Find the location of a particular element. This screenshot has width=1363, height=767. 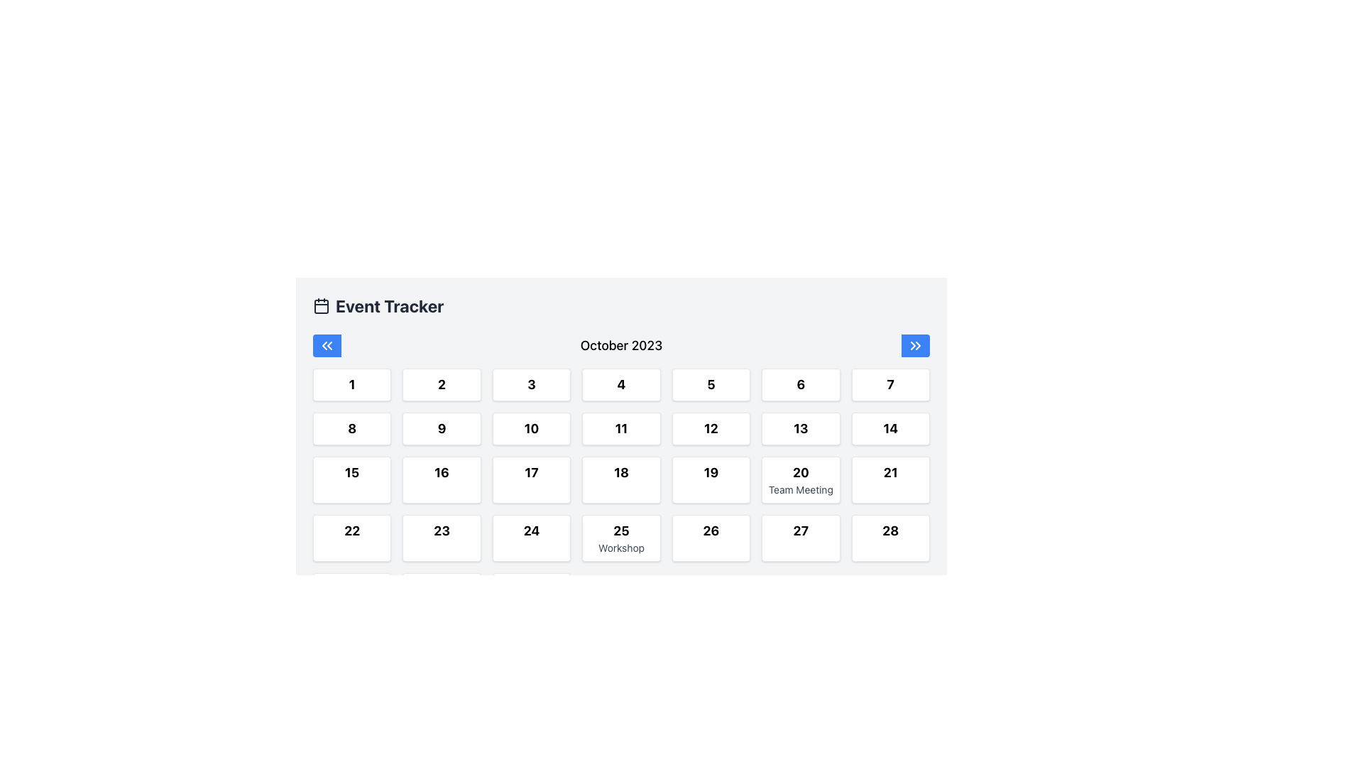

prominently displayed text label showing the number '20' which is located above a smaller text label reading 'Team Meeting' in the calendar interface for October 2023 is located at coordinates (801, 473).